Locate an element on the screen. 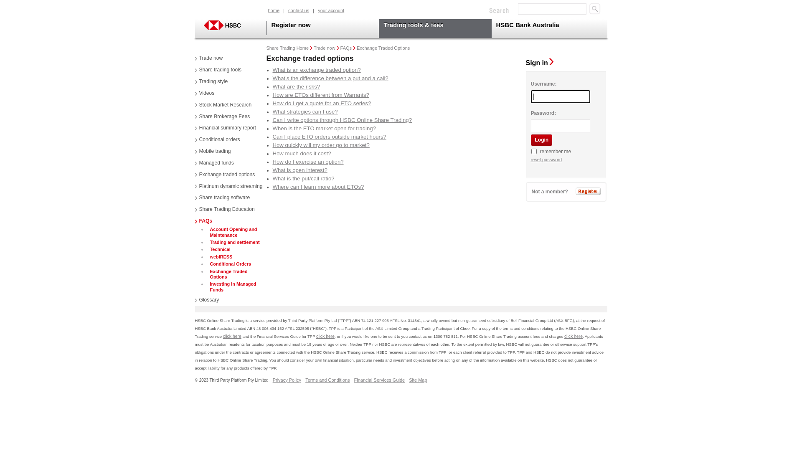  'Stock Market Research' is located at coordinates (223, 104).